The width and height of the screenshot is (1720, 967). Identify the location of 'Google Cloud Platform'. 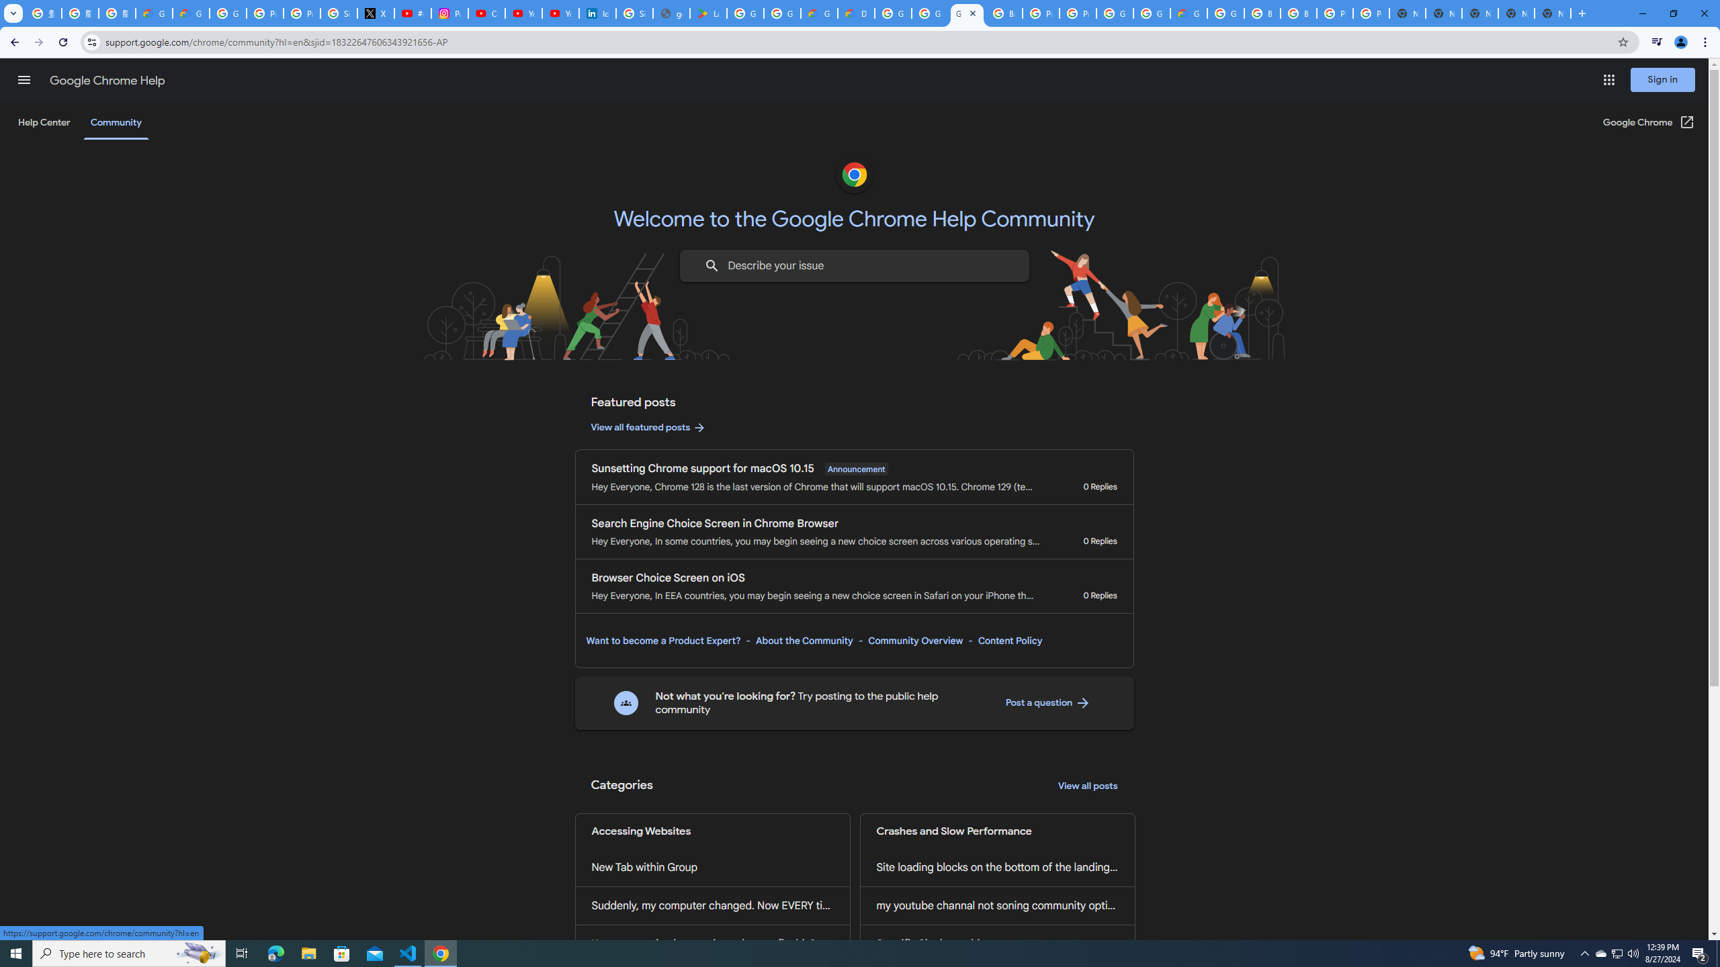
(1114, 13).